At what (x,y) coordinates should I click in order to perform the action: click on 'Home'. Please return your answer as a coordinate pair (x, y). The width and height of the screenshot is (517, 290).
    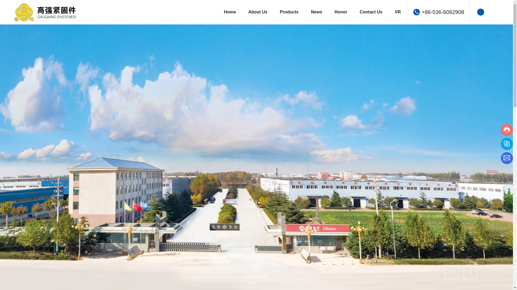
    Looking at the image, I should click on (230, 12).